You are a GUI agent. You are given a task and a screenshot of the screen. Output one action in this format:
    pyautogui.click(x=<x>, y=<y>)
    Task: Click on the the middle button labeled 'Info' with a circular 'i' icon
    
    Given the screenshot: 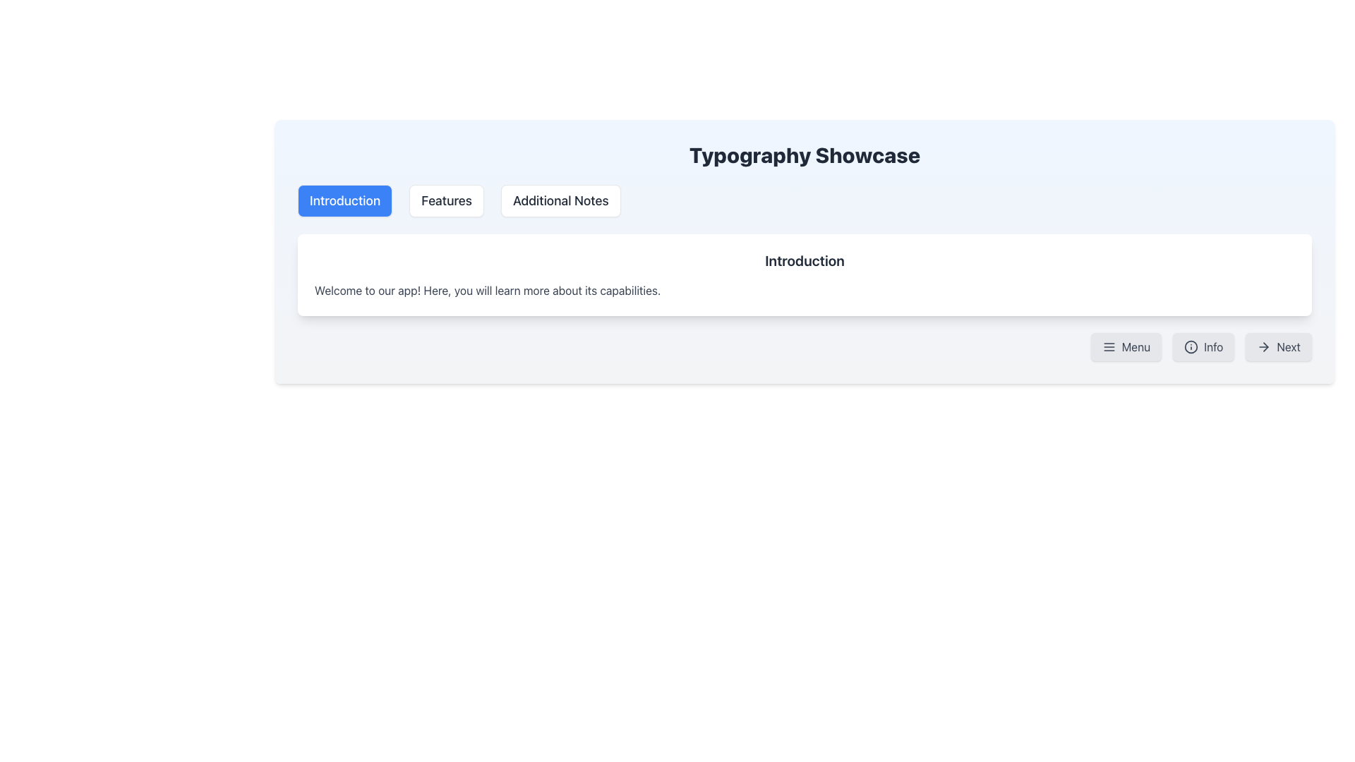 What is the action you would take?
    pyautogui.click(x=1203, y=347)
    